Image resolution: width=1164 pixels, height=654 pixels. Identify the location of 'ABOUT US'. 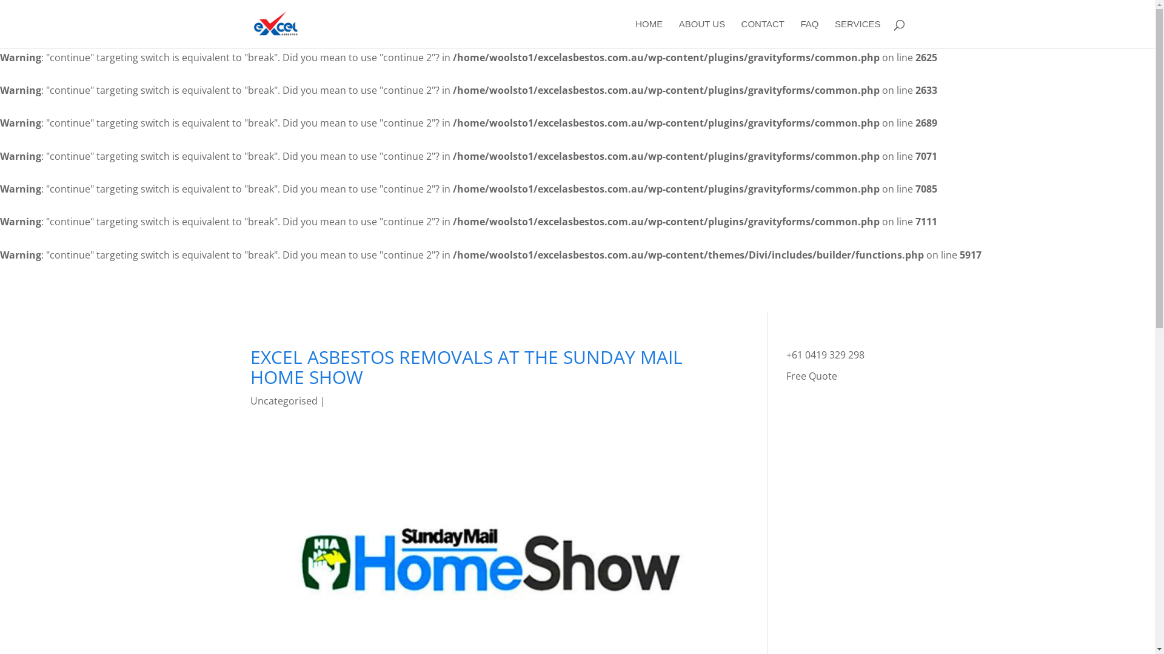
(701, 33).